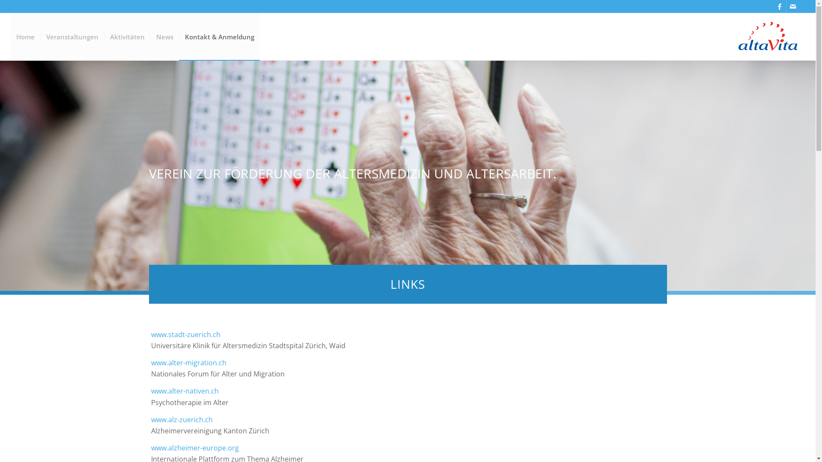  I want to click on 'www.alter-nativen.ch', so click(184, 391).